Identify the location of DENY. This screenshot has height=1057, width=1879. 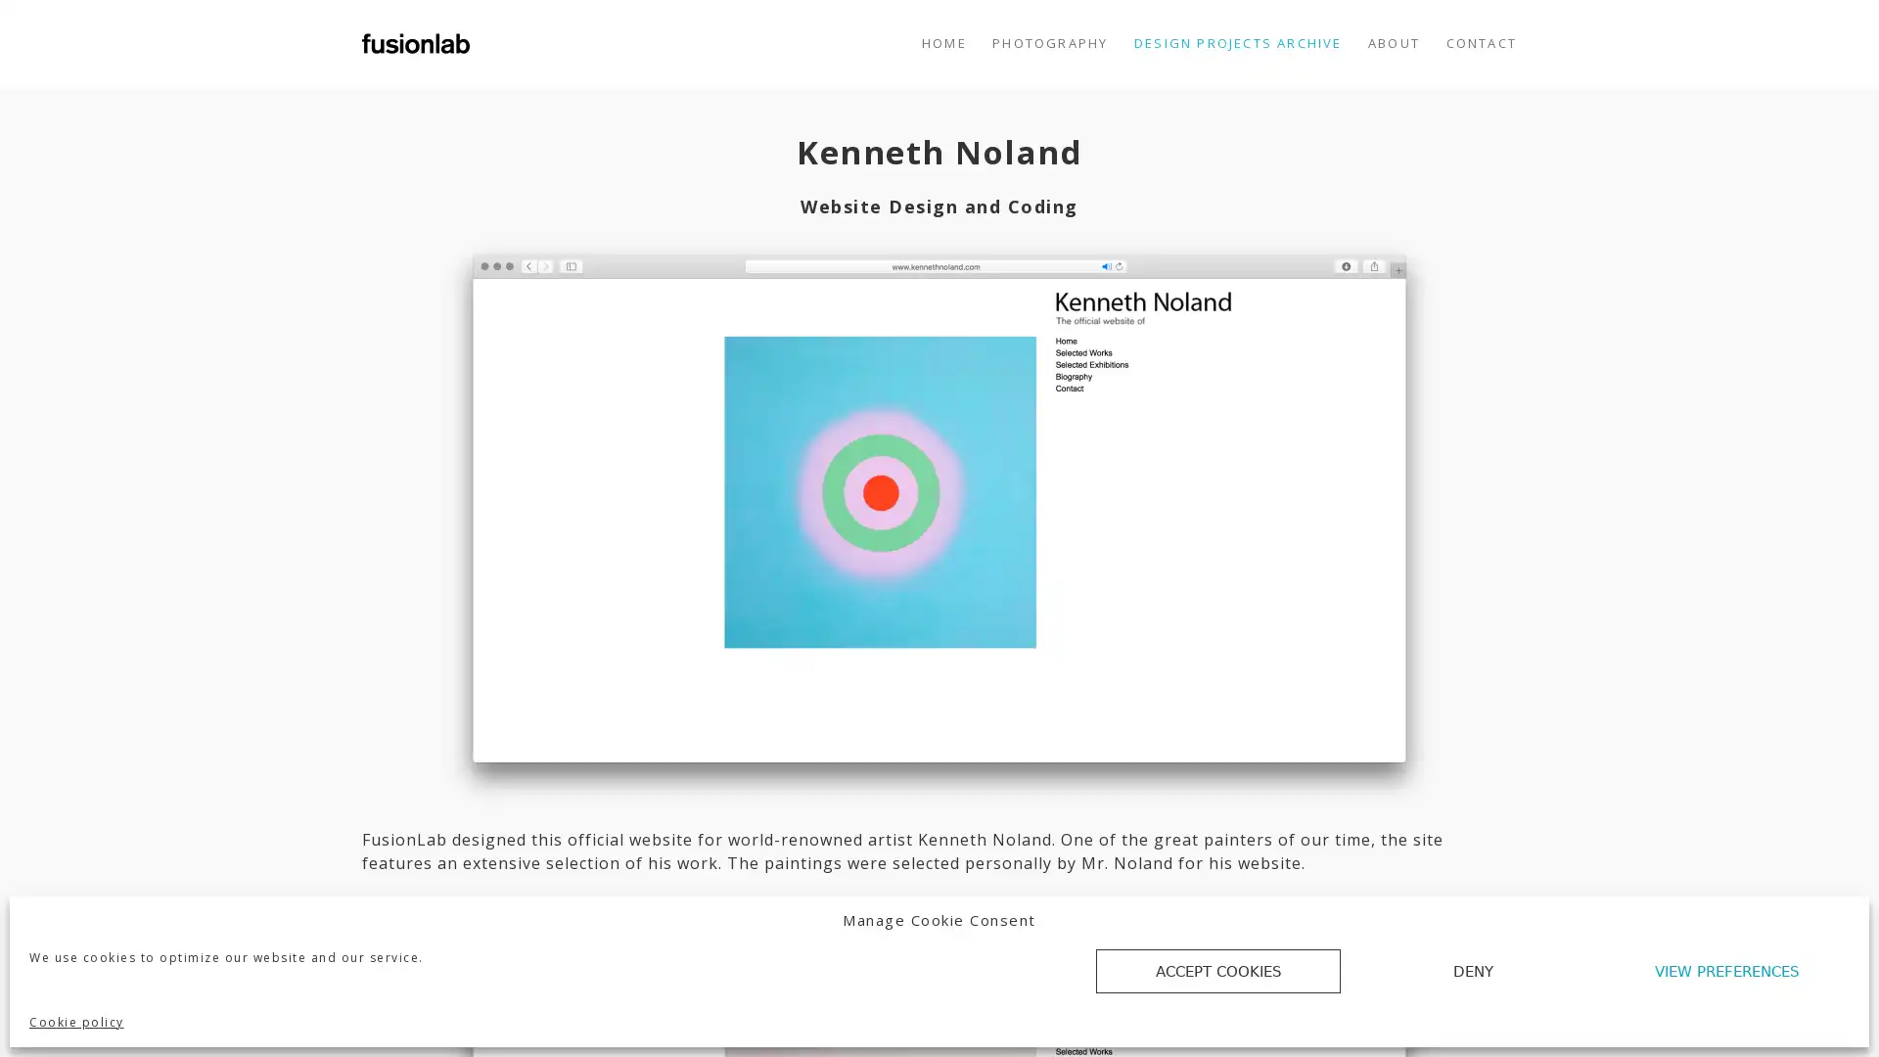
(1473, 971).